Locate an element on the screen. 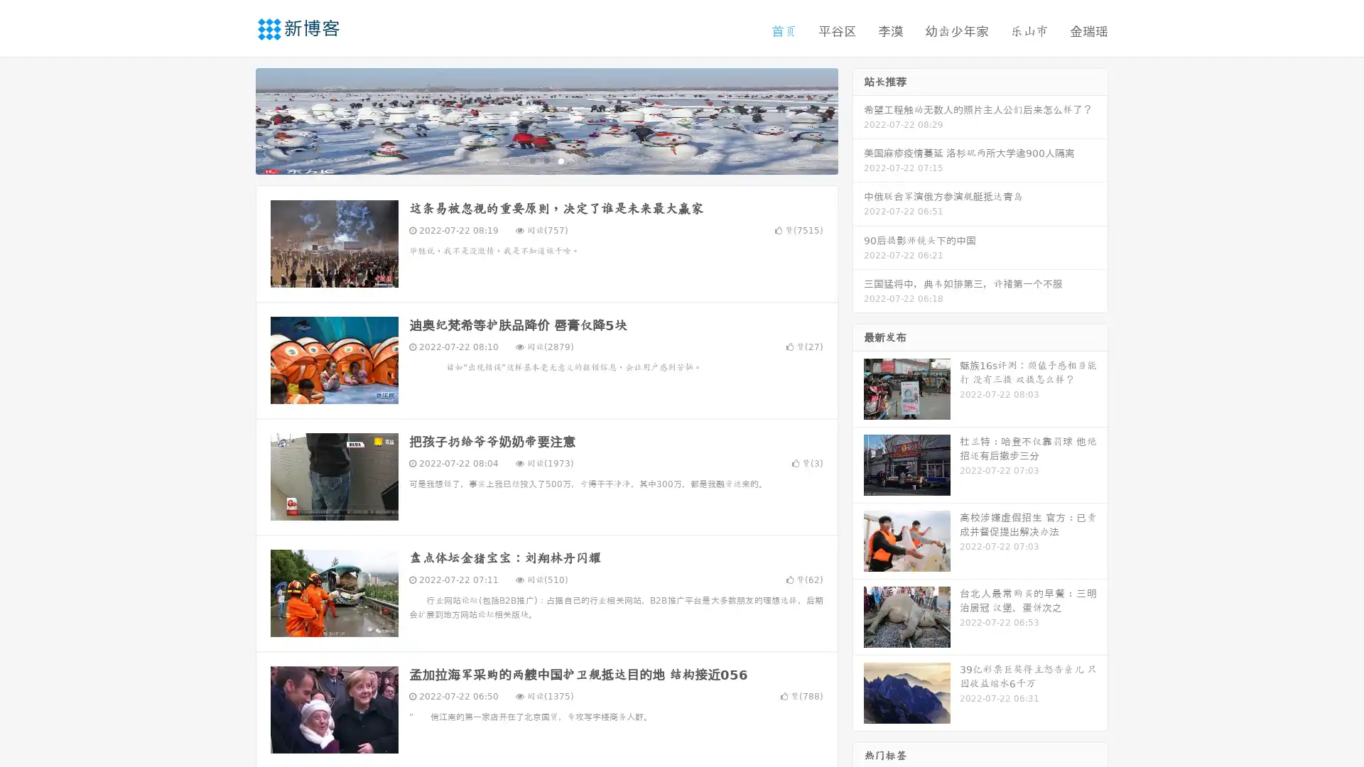  Go to slide 2 is located at coordinates (546, 160).